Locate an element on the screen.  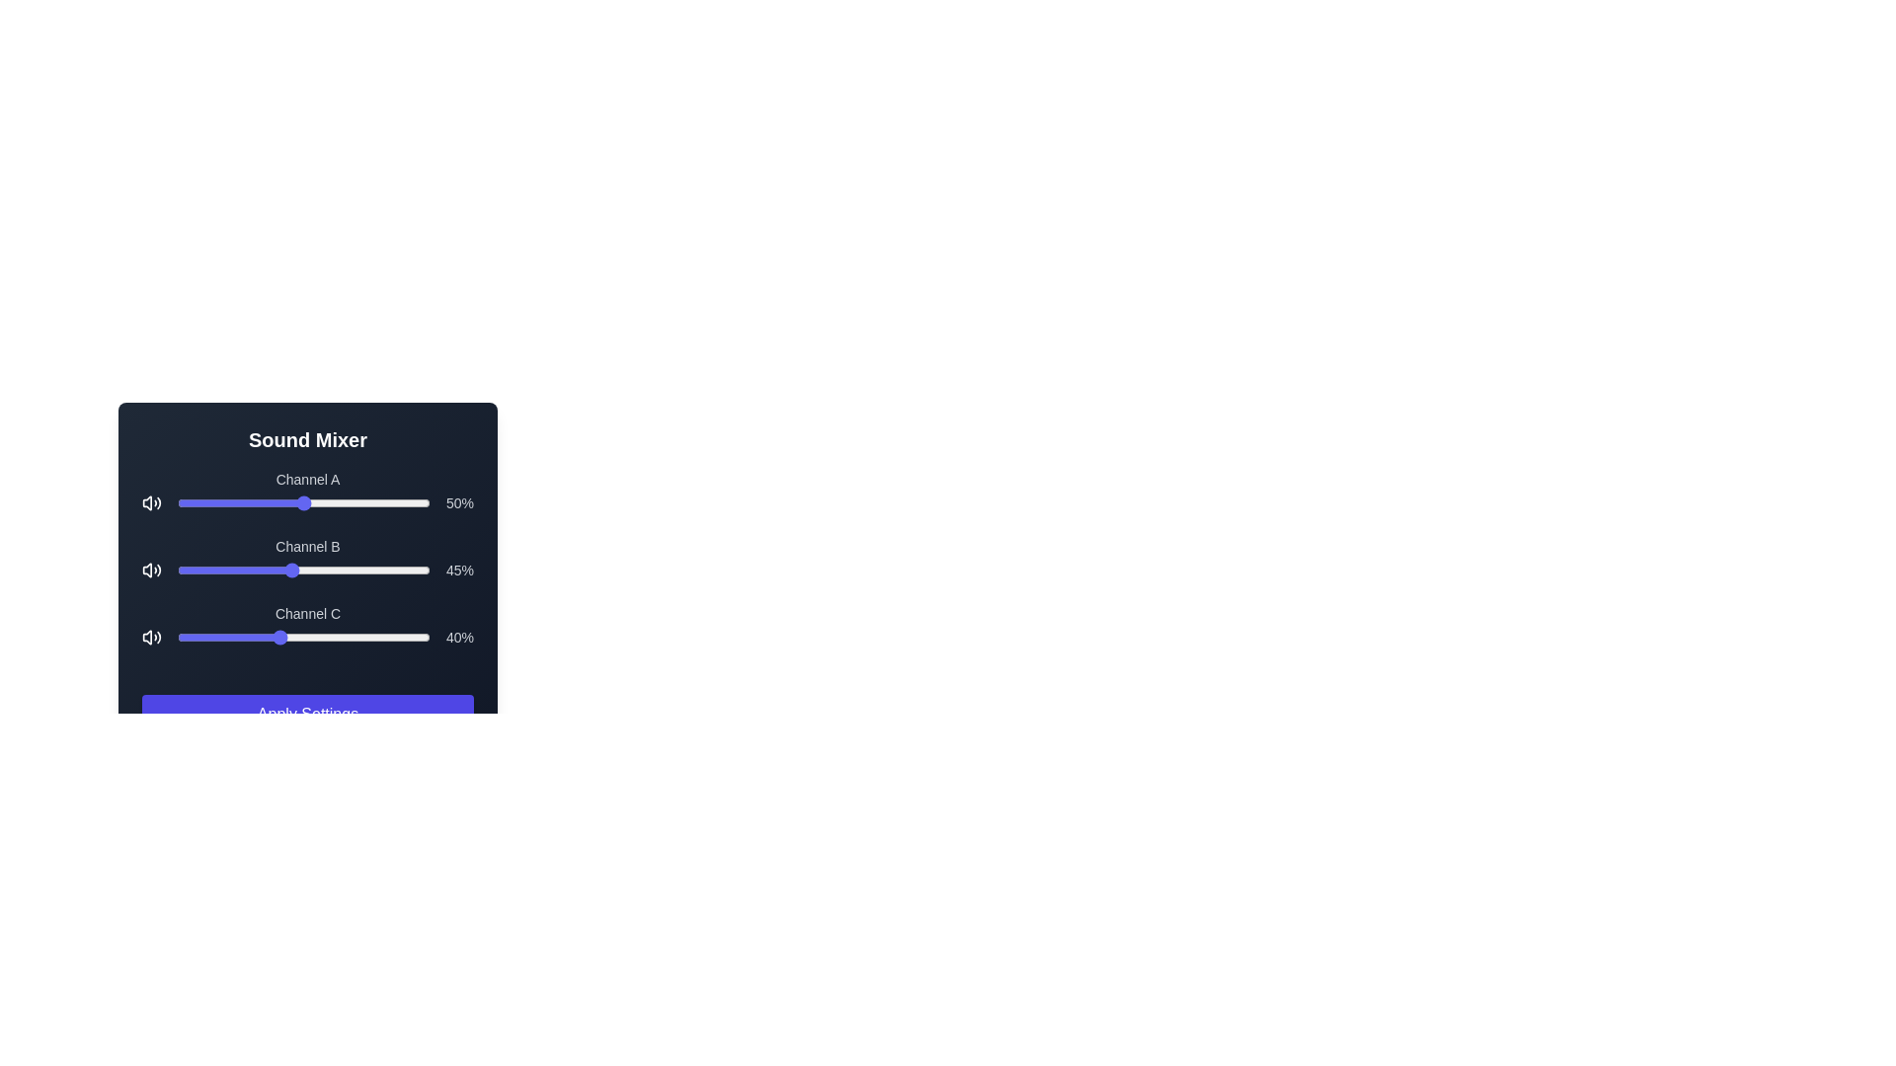
the Channel B volume is located at coordinates (233, 571).